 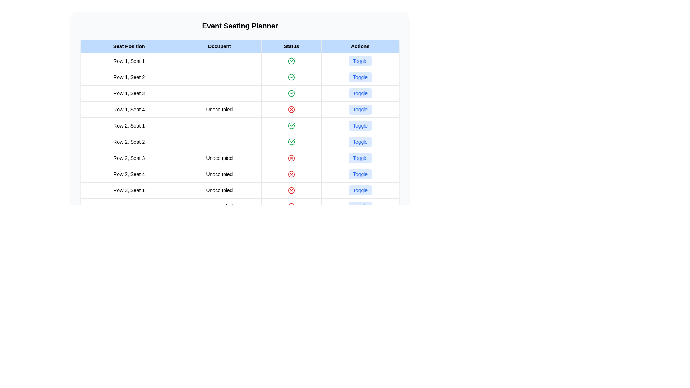 What do you see at coordinates (291, 46) in the screenshot?
I see `the 'Status' Table Header, which is the third cell in the header row of the table, styled with bold black text on a light blue background` at bounding box center [291, 46].